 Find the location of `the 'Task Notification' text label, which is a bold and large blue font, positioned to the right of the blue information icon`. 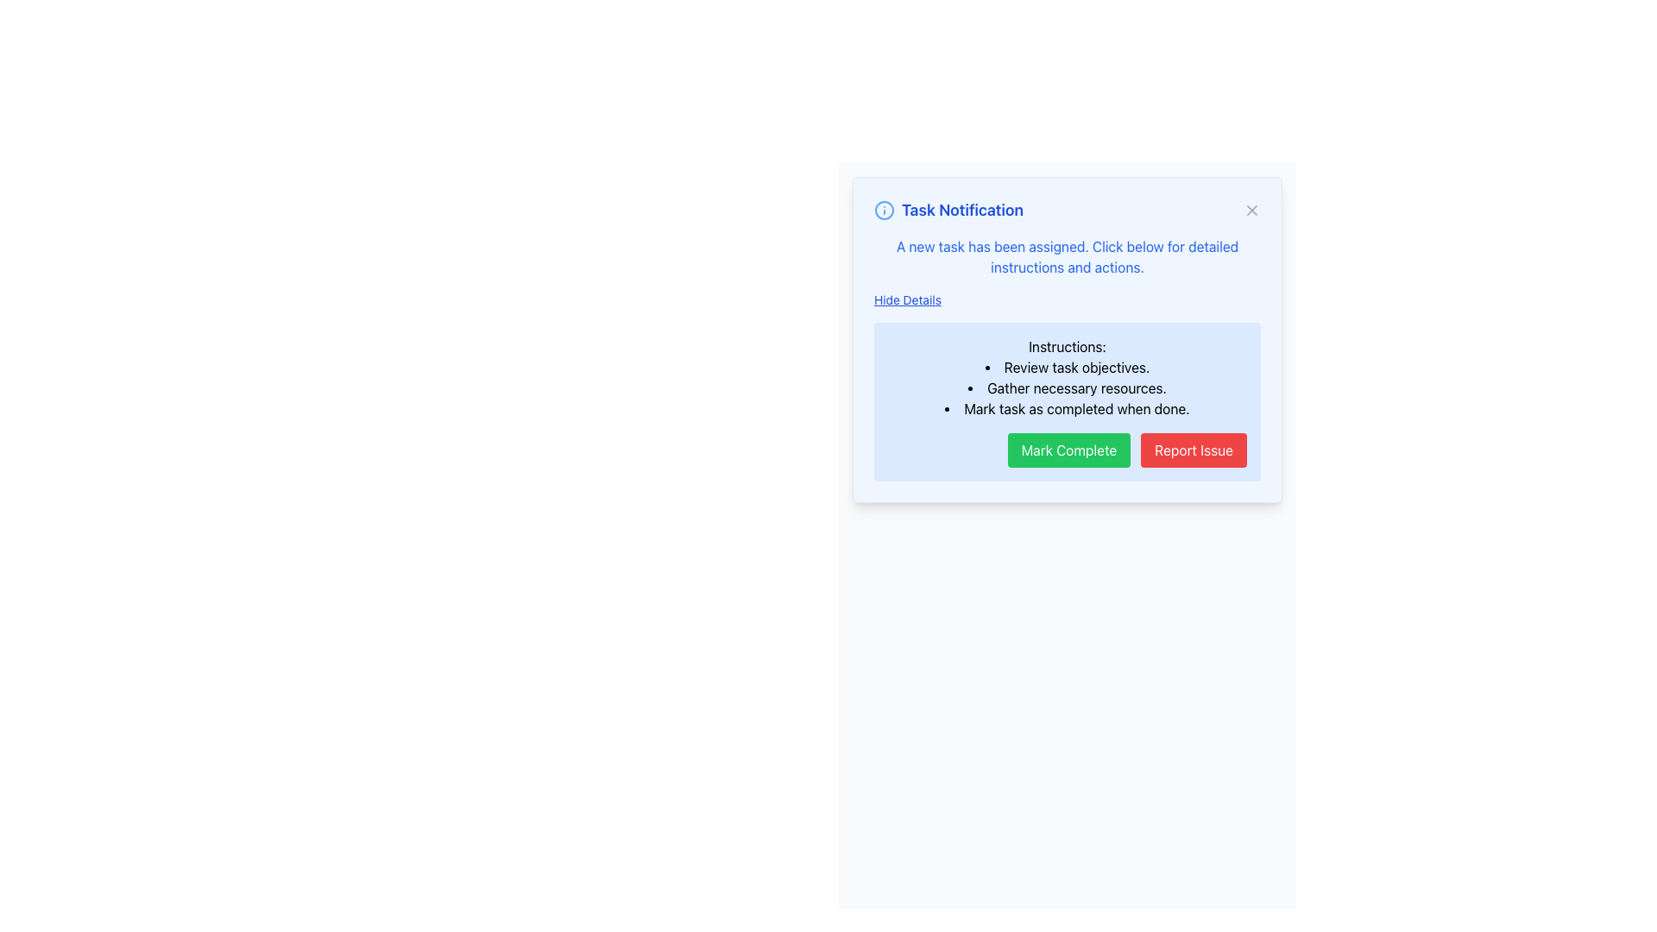

the 'Task Notification' text label, which is a bold and large blue font, positioned to the right of the blue information icon is located at coordinates (961, 209).